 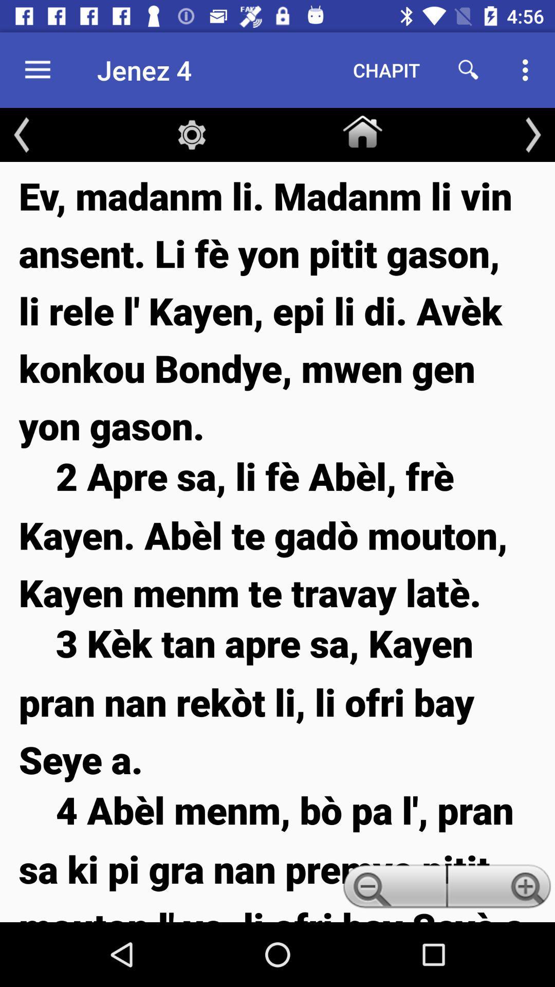 What do you see at coordinates (468, 69) in the screenshot?
I see `the item next to the chapit item` at bounding box center [468, 69].